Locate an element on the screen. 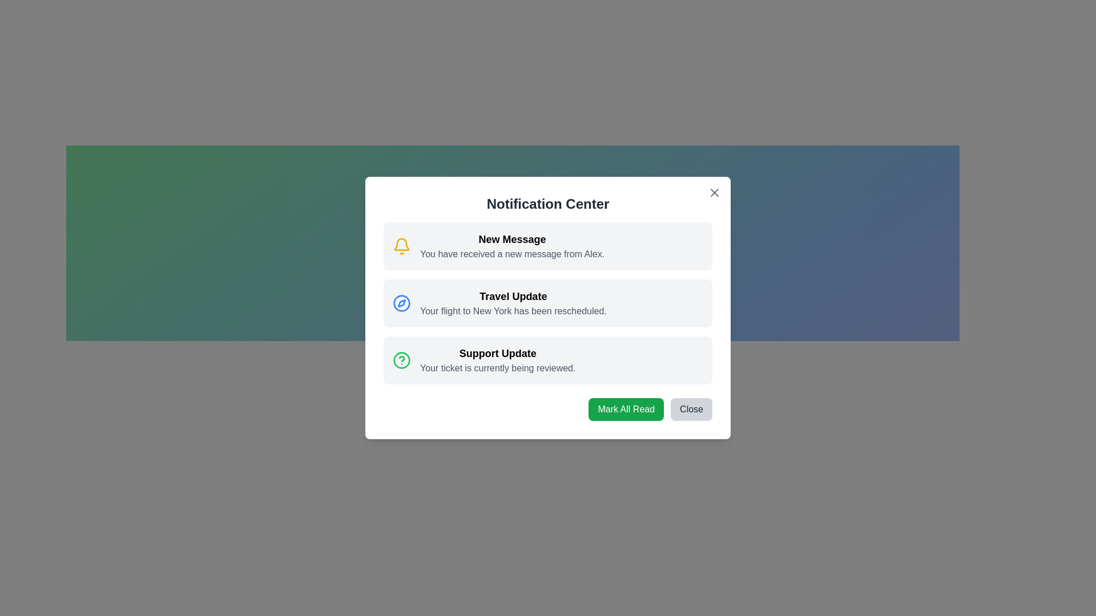 Image resolution: width=1096 pixels, height=616 pixels. the close button located in the top-right corner of the 'Notification Center' modal to trigger visual feedback is located at coordinates (714, 192).